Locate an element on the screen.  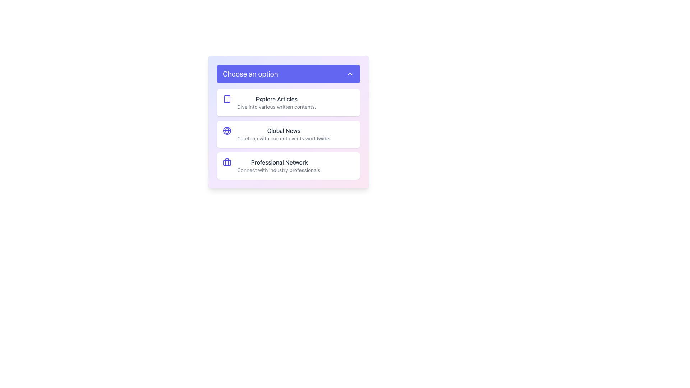
the leftmost icon in the 'Global News' option, which represents global information such as news or world events is located at coordinates (227, 130).